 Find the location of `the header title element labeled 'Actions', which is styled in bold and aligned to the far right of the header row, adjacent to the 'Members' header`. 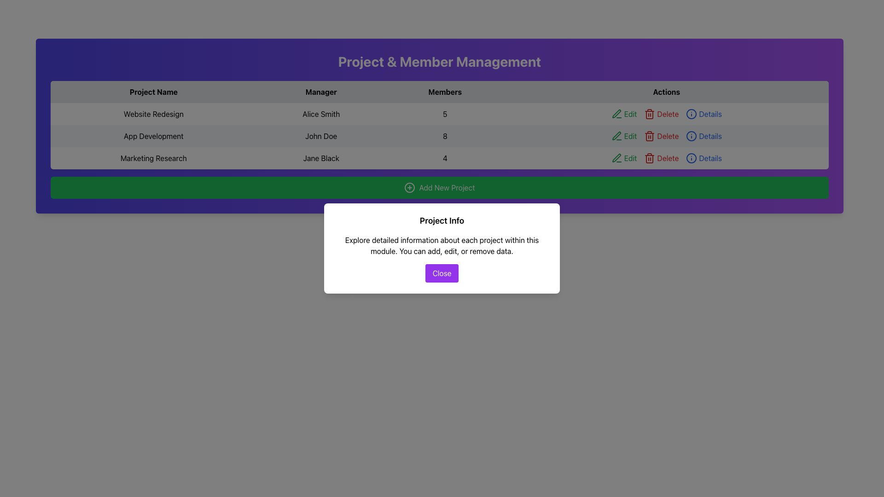

the header title element labeled 'Actions', which is styled in bold and aligned to the far right of the header row, adjacent to the 'Members' header is located at coordinates (666, 92).